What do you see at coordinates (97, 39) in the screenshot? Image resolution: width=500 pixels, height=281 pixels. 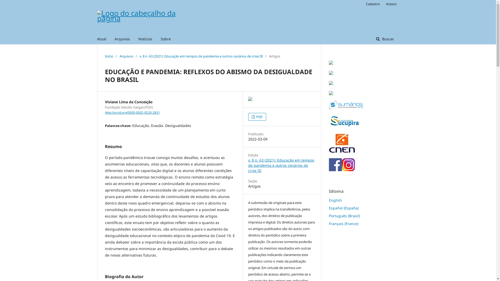 I see `'Atual'` at bounding box center [97, 39].